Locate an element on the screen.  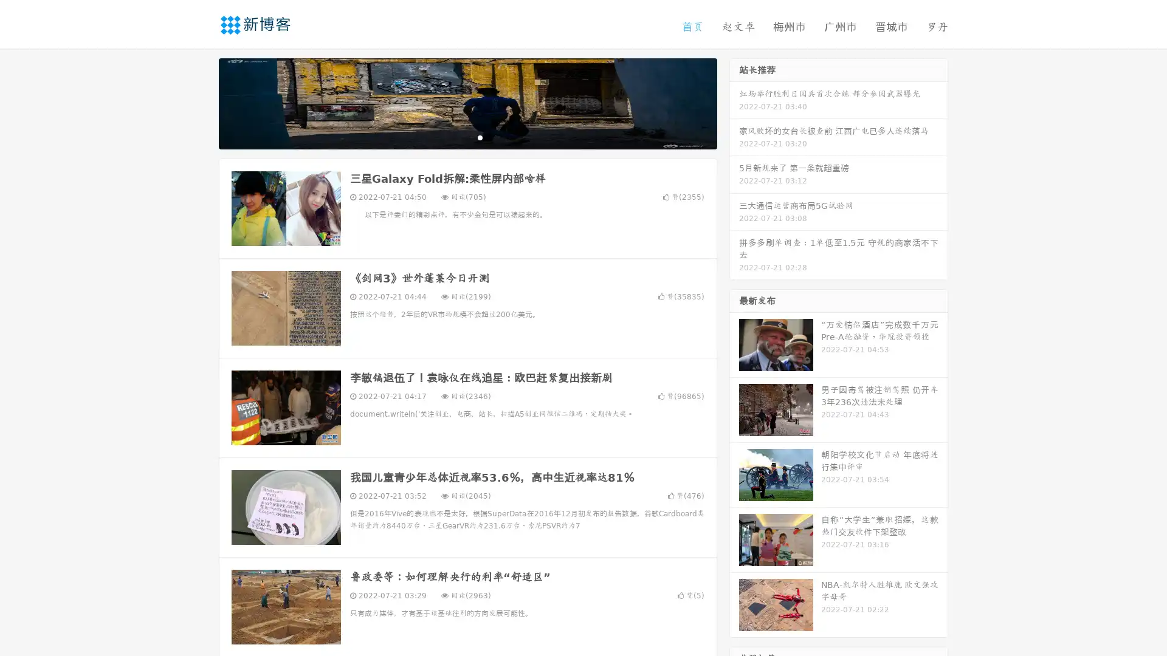
Go to slide 3 is located at coordinates (480, 137).